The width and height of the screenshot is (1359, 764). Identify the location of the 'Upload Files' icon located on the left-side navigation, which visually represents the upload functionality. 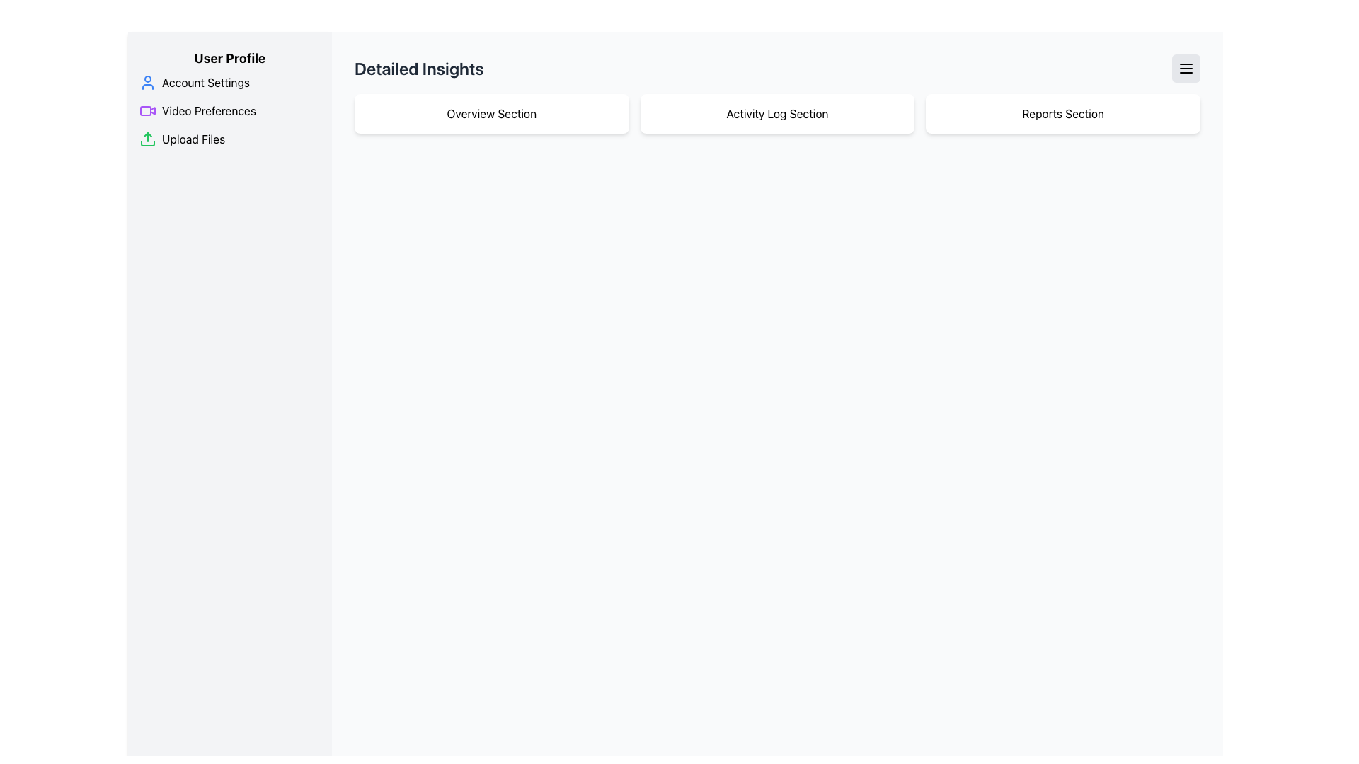
(148, 139).